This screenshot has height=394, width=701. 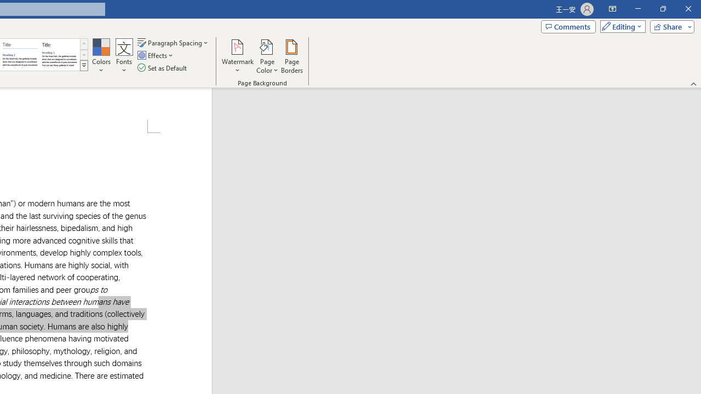 What do you see at coordinates (83, 66) in the screenshot?
I see `'Style Set'` at bounding box center [83, 66].